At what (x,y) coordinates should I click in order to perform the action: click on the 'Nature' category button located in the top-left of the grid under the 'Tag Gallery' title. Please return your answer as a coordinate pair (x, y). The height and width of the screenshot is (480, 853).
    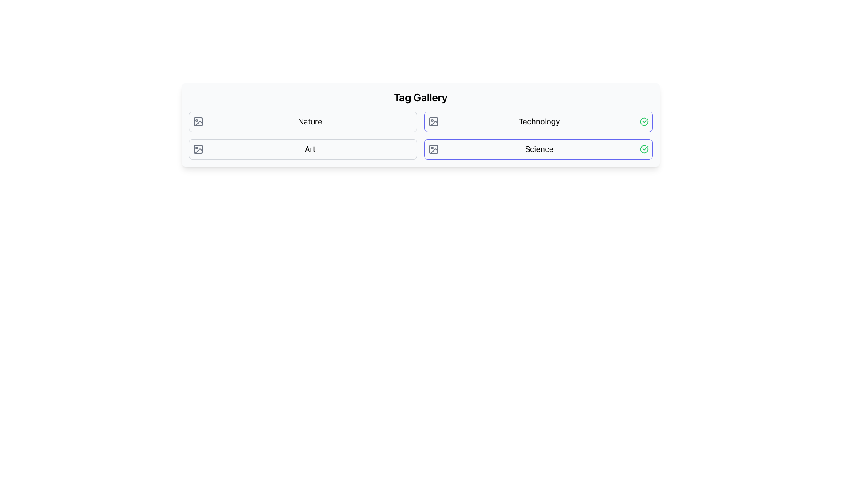
    Looking at the image, I should click on (303, 121).